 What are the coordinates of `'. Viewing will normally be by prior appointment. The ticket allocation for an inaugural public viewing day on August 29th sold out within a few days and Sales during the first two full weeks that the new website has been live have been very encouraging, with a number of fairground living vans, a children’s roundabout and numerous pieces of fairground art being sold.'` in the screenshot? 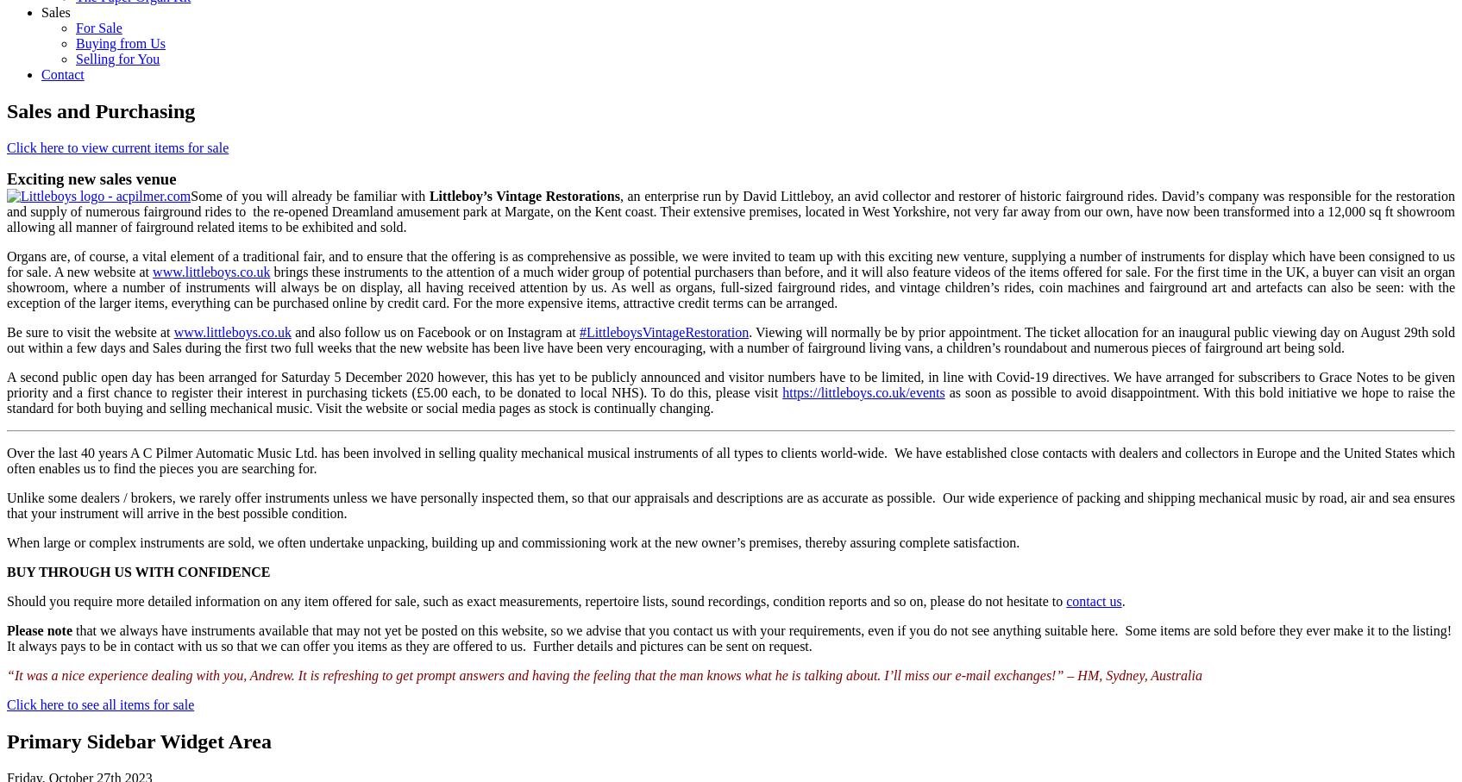 It's located at (731, 340).